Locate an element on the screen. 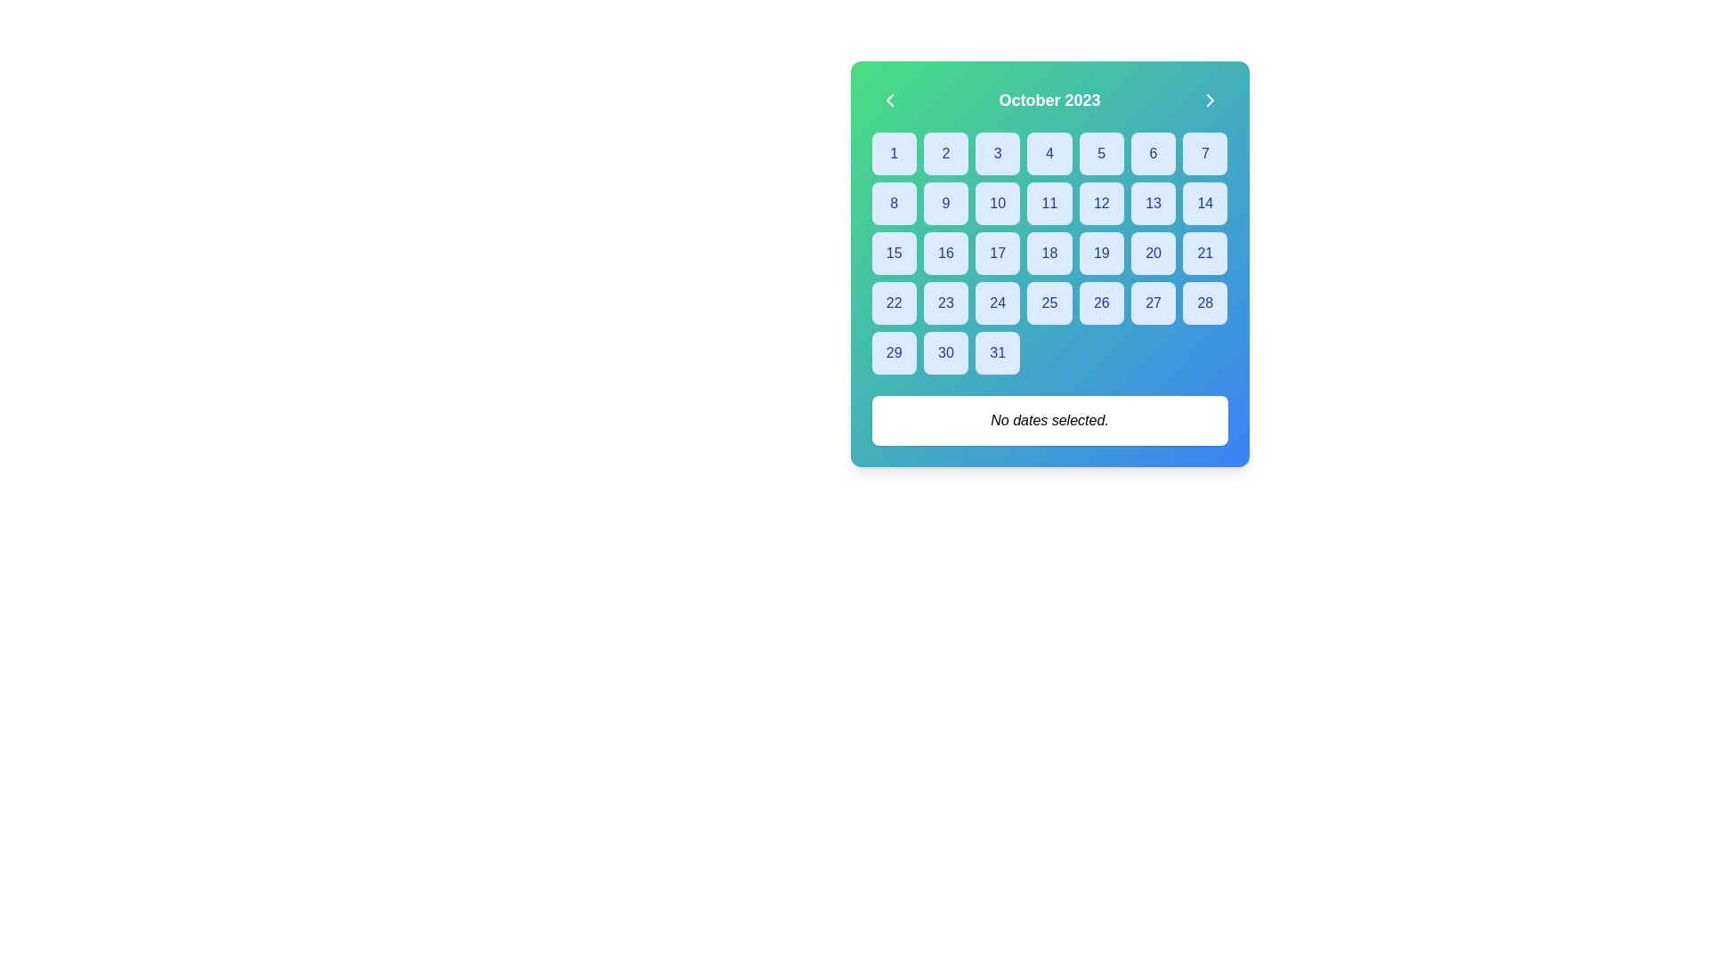  the square button with rounded corners and a light blue background featuring the number '12' in dark blue font, located in the second row and fifth column of the calendar interface is located at coordinates (1100, 202).